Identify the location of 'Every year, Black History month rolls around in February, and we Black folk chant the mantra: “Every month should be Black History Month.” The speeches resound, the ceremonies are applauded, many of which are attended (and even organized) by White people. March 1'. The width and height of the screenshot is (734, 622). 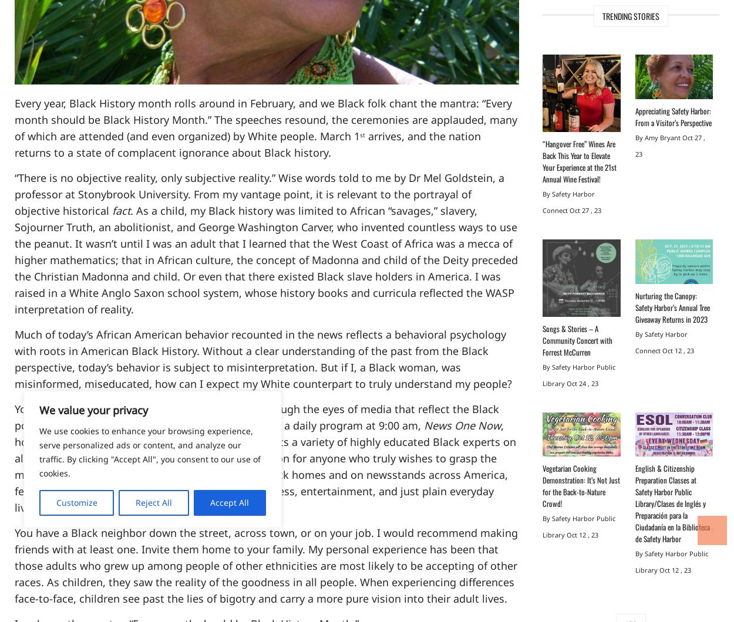
(265, 119).